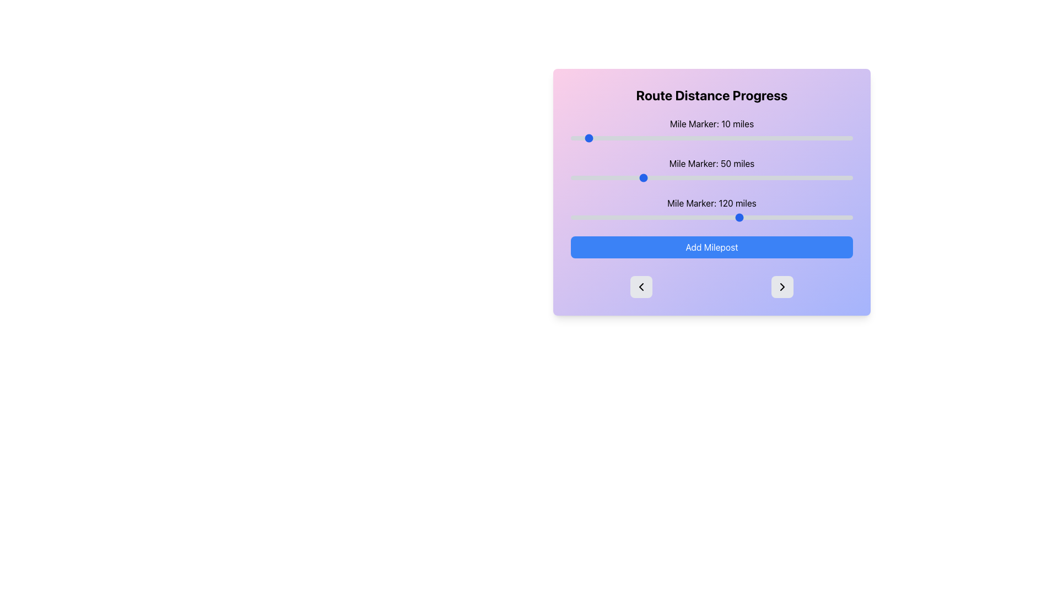 Image resolution: width=1058 pixels, height=595 pixels. I want to click on the slider, so click(689, 137).